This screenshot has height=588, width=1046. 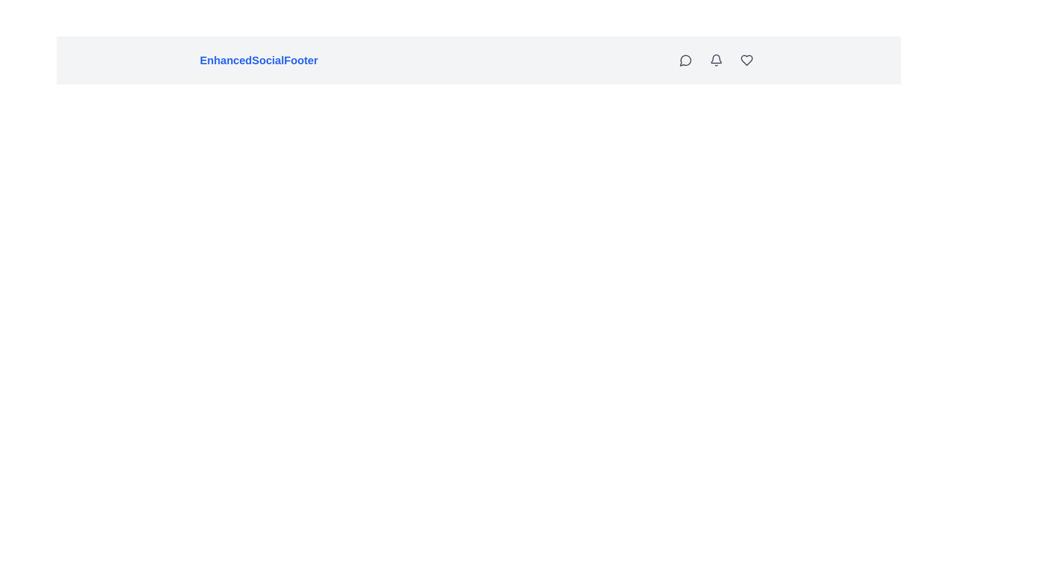 What do you see at coordinates (746, 60) in the screenshot?
I see `the favorite/like button represented by a heart icon, which is the last item in a row of three similar buttons located at the top-right corner of the interface` at bounding box center [746, 60].